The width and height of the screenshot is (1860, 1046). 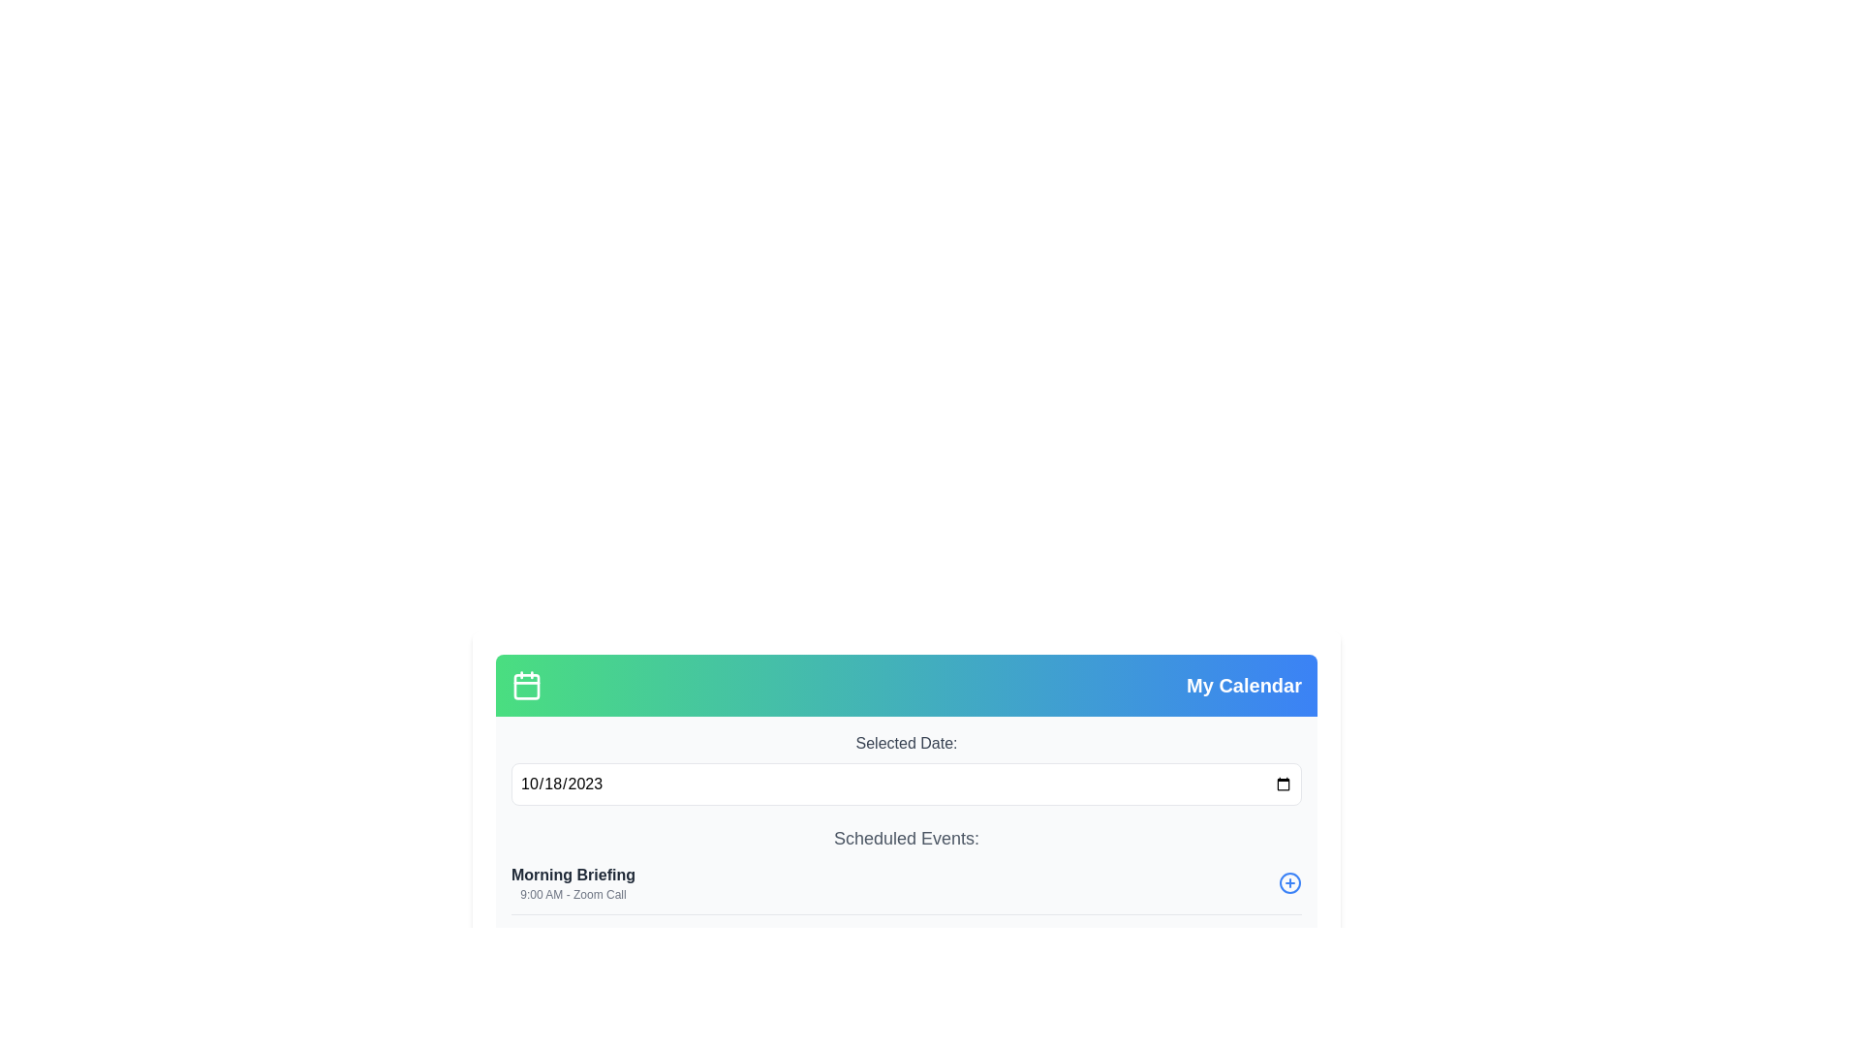 I want to click on the Circular SVG graphic with a plus sign located adjacent to the 'Scheduled Events' section, so click(x=1289, y=882).